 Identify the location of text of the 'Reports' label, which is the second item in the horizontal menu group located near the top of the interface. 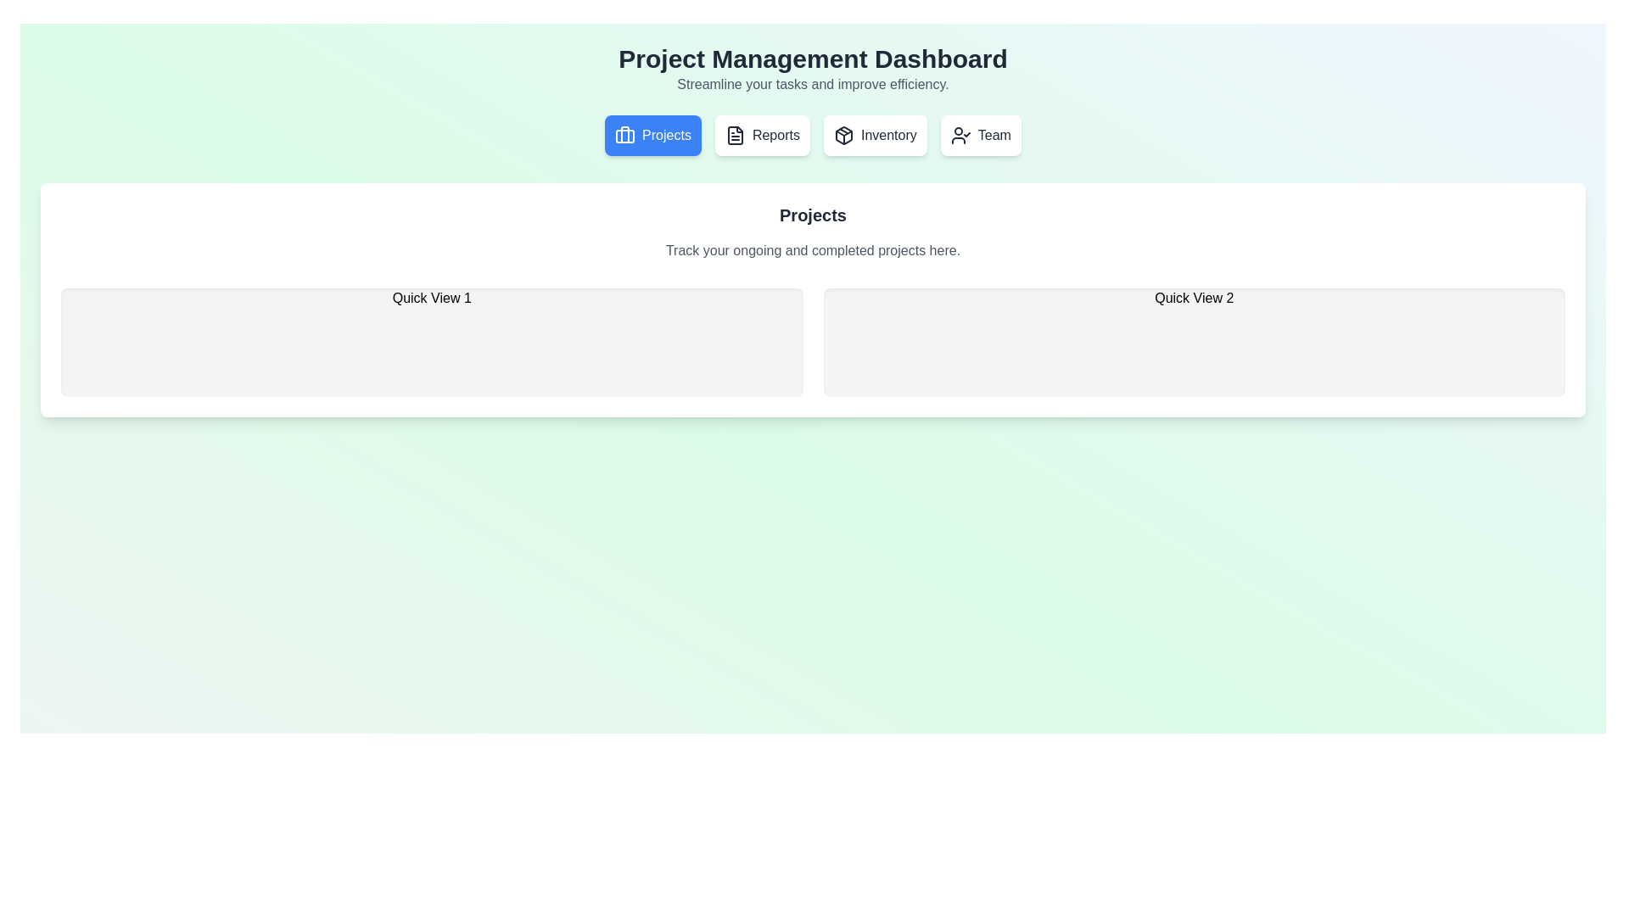
(775, 134).